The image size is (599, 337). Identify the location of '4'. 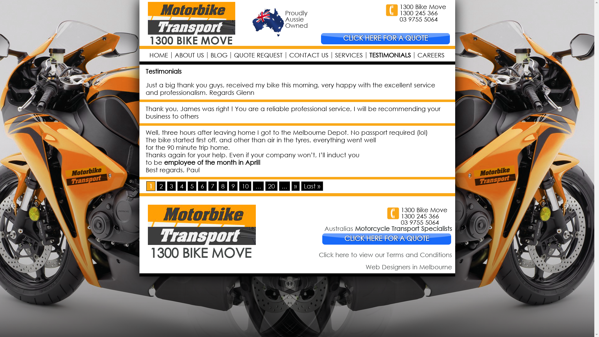
(181, 186).